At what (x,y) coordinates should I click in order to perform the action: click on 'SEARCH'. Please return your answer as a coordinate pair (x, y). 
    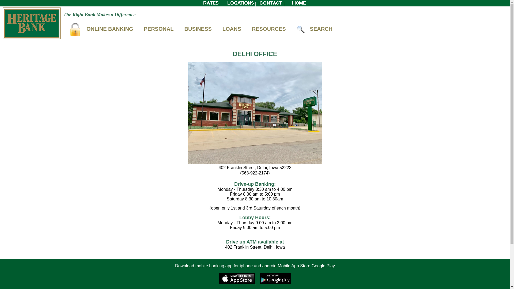
    Looking at the image, I should click on (291, 29).